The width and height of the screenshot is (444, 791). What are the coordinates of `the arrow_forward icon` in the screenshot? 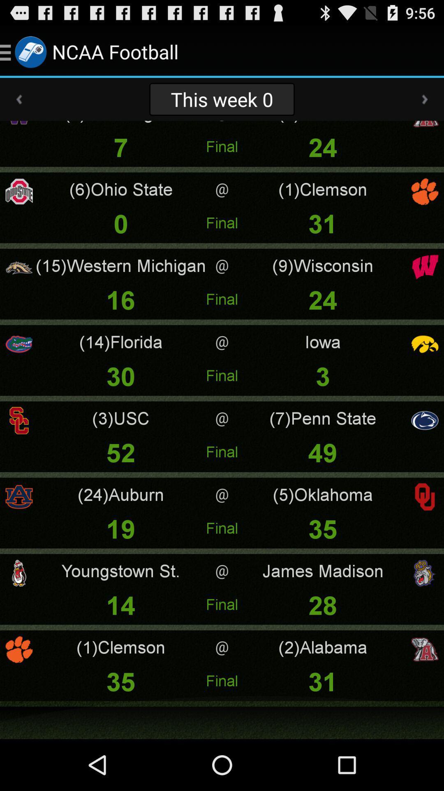 It's located at (425, 106).